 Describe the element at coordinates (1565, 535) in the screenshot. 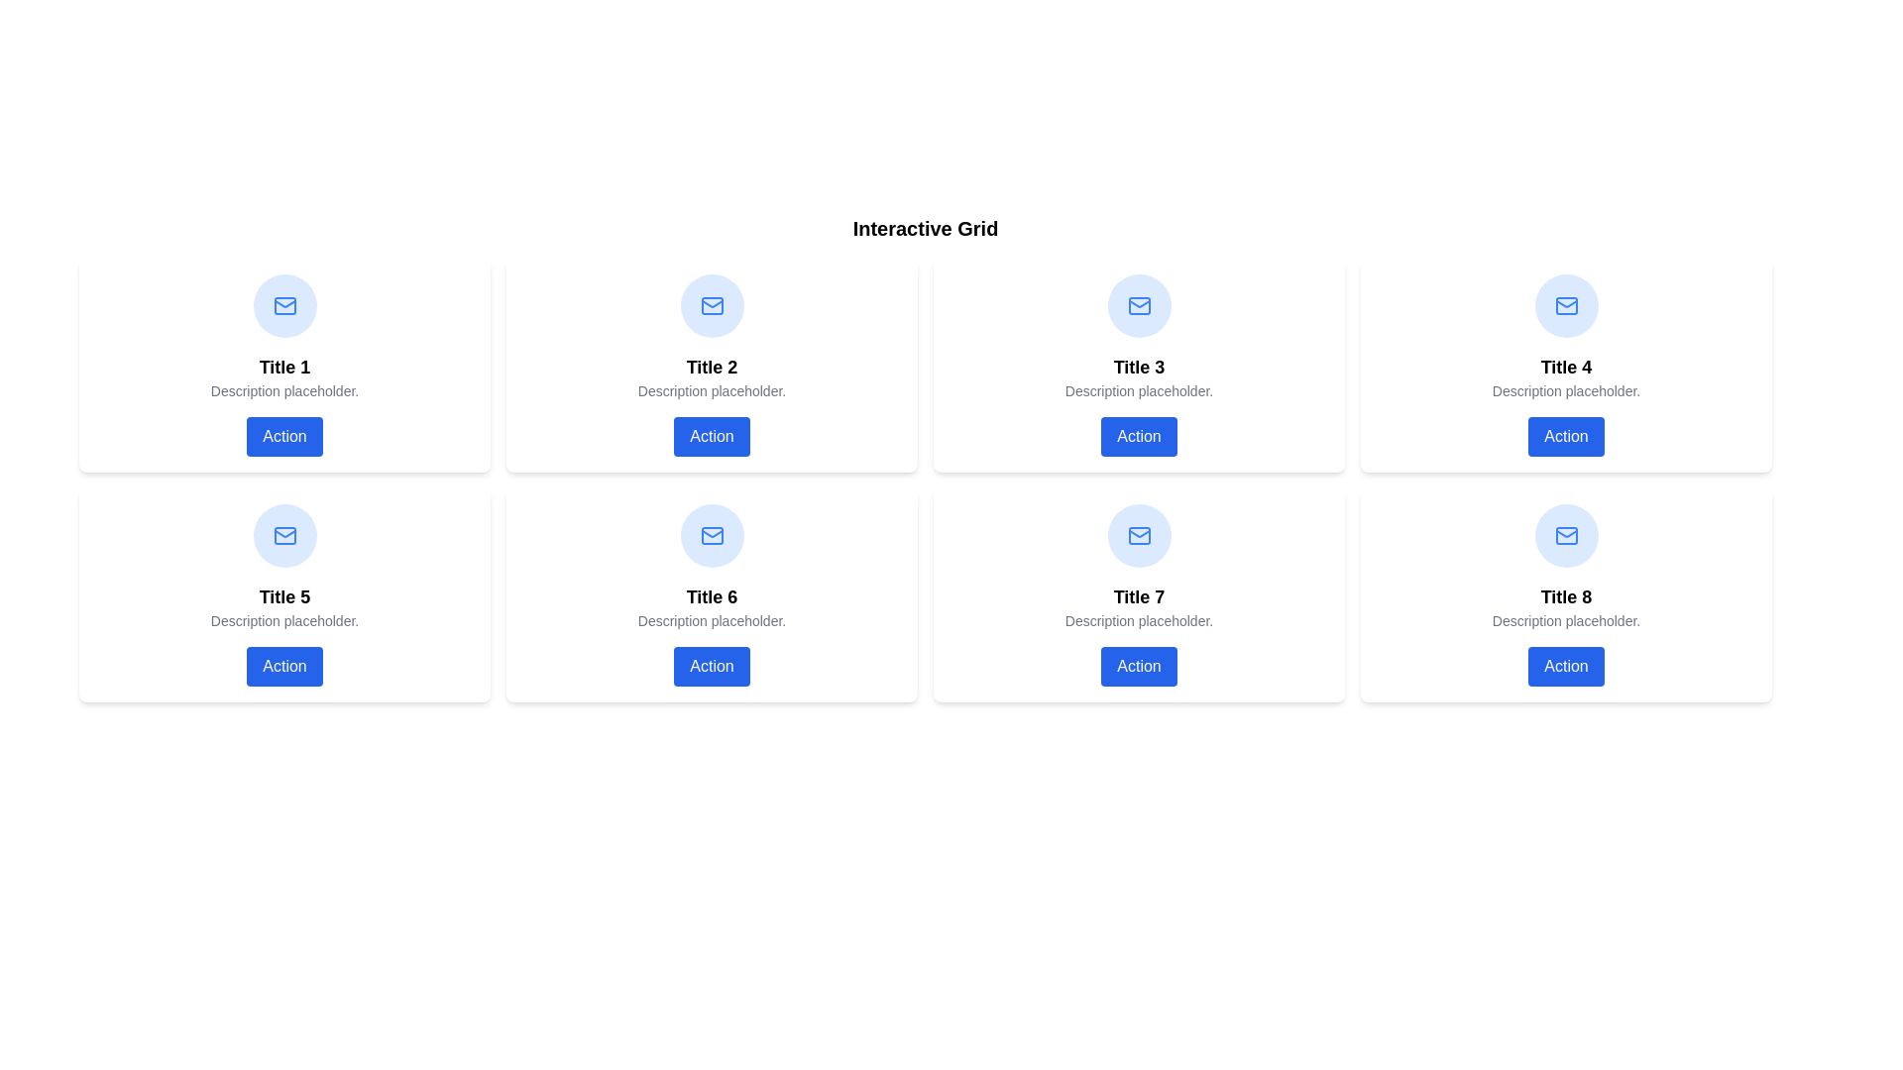

I see `the SVG rectangle element representing the body of the envelope icon located in the bottom-right grid panel titled 'Title 8'` at that location.